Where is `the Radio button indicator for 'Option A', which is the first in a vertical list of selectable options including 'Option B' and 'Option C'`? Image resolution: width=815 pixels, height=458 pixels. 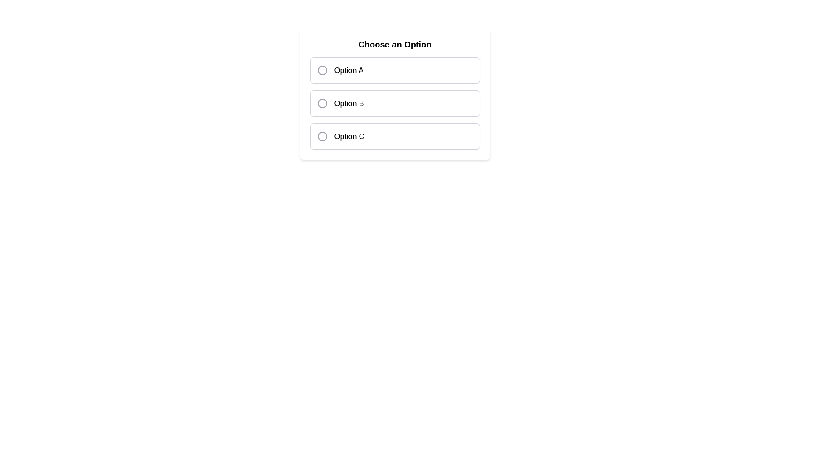 the Radio button indicator for 'Option A', which is the first in a vertical list of selectable options including 'Option B' and 'Option C' is located at coordinates (322, 70).